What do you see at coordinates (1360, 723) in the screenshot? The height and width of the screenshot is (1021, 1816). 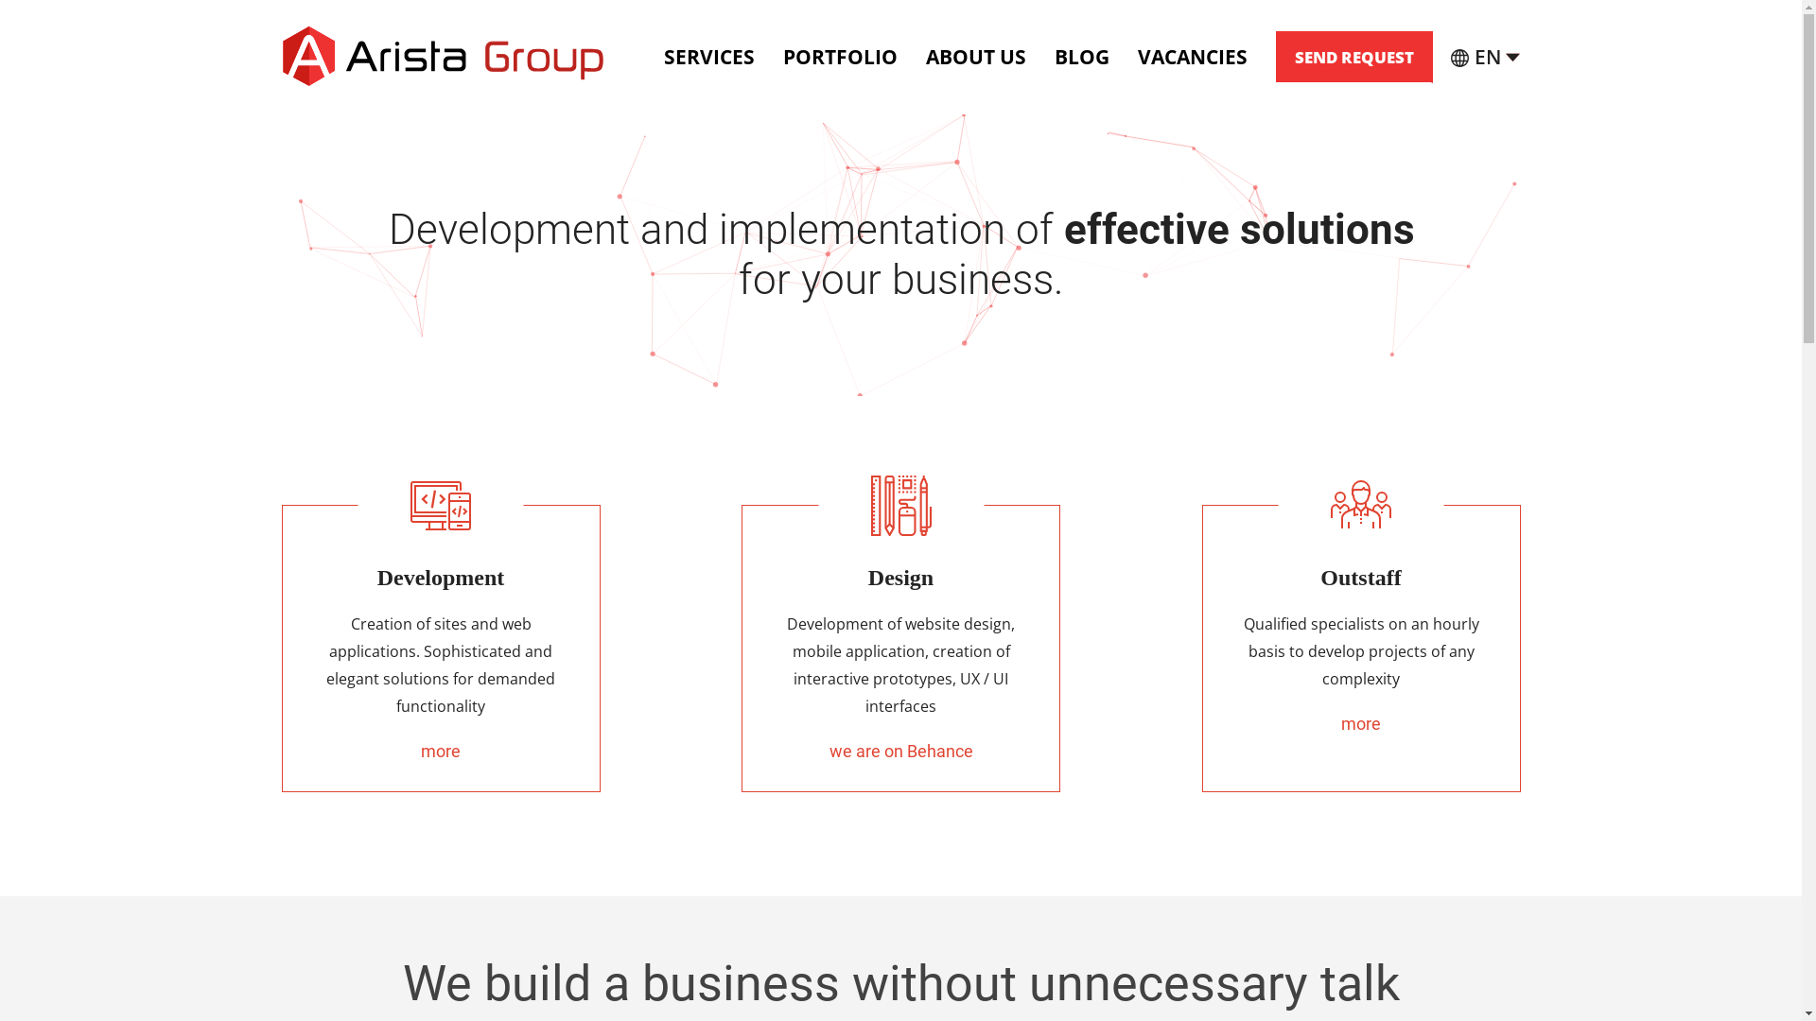 I see `'more'` at bounding box center [1360, 723].